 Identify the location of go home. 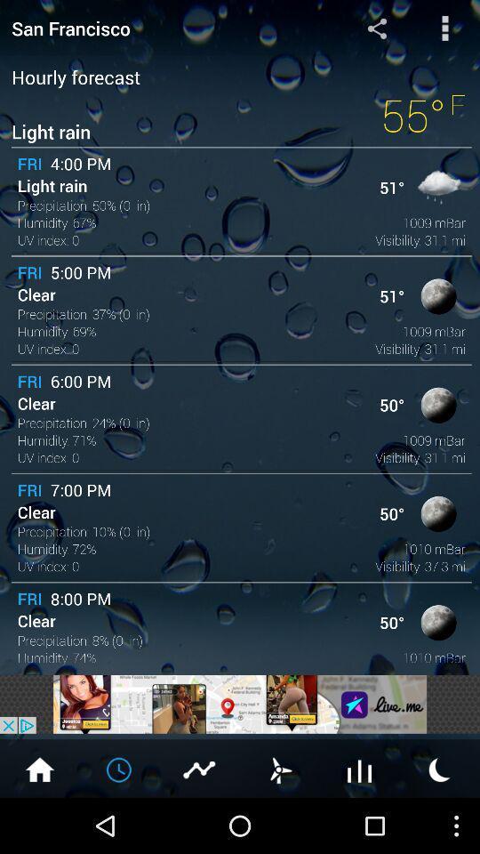
(39, 768).